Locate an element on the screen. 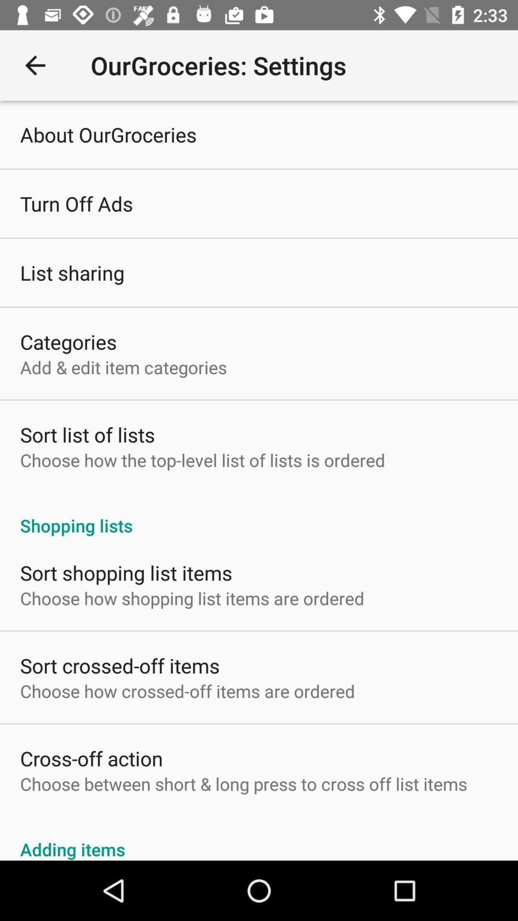 The width and height of the screenshot is (518, 921). the adding items item is located at coordinates (259, 838).